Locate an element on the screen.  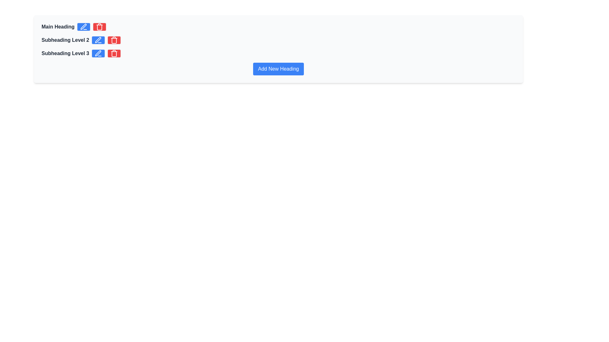
the small blue pen icon button located to the right of the 'Subheading Level 2' text to enter edit mode is located at coordinates (98, 40).